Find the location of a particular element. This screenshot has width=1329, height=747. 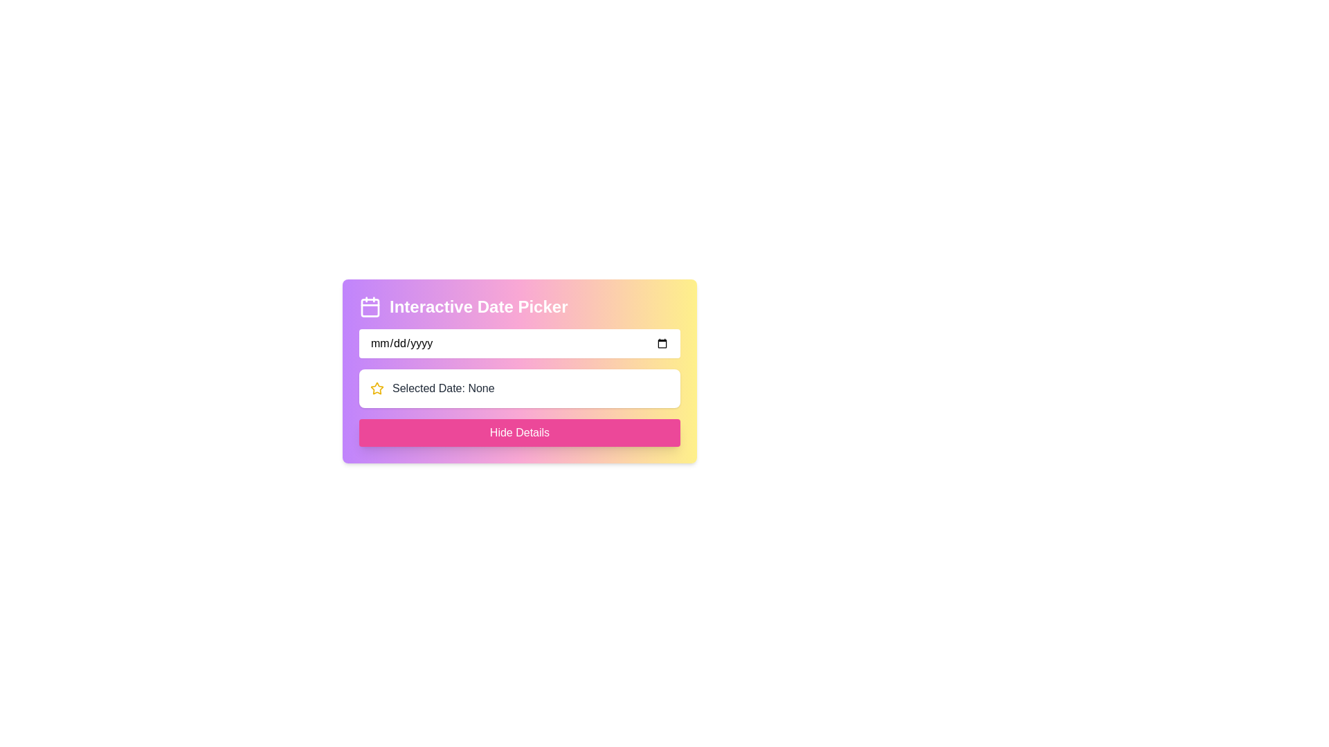

the star icon, which is a decorative SVG element located in the top-right section of the date selection interface is located at coordinates (377, 388).